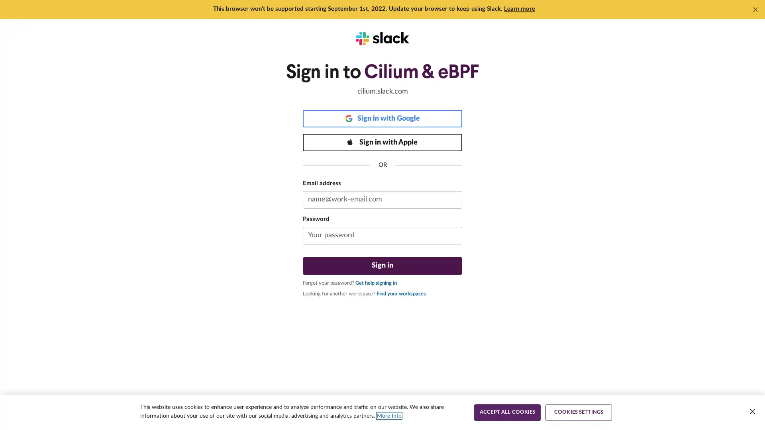 This screenshot has width=765, height=430. What do you see at coordinates (751, 411) in the screenshot?
I see `Close` at bounding box center [751, 411].